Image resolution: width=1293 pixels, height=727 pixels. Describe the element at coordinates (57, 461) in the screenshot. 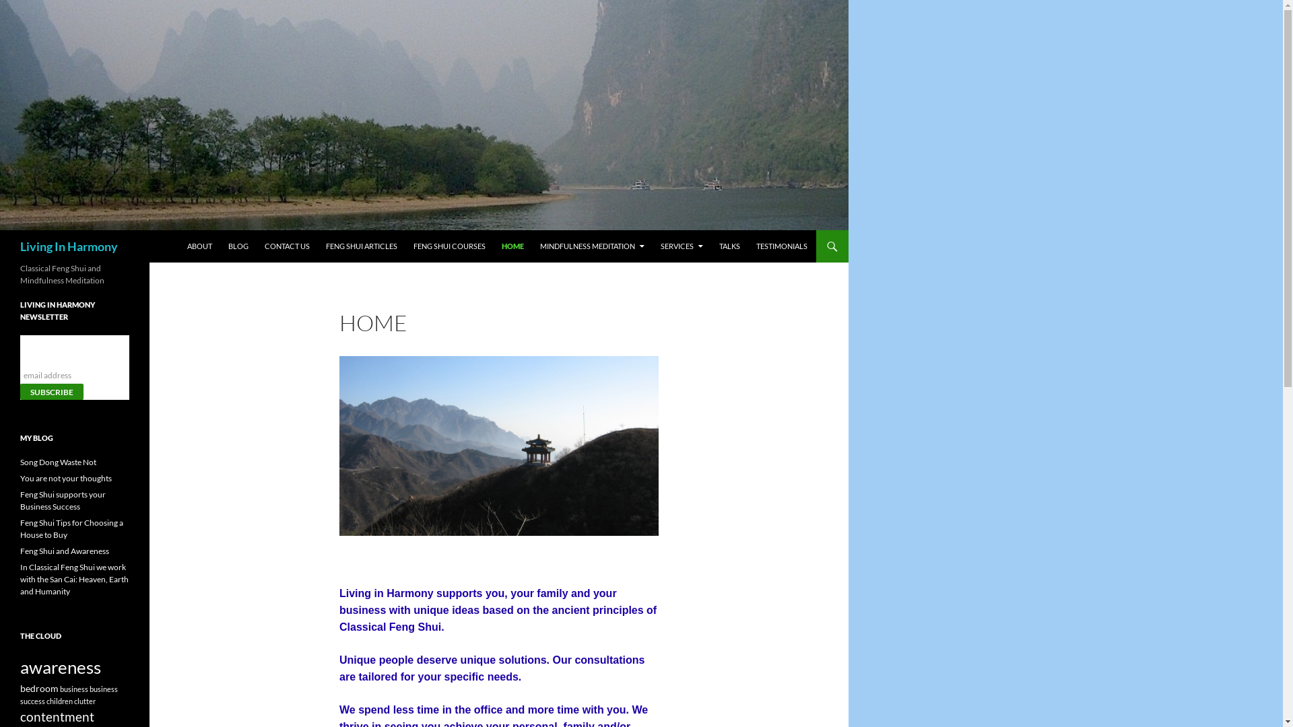

I see `'Song Dong Waste Not'` at that location.